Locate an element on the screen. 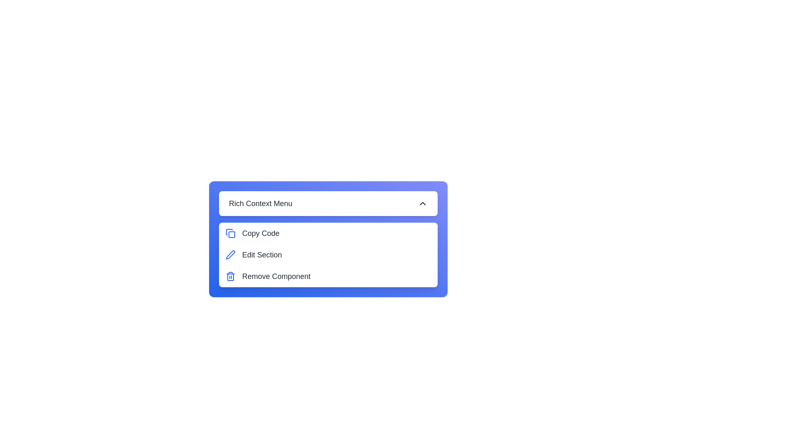  the 'Edit Section' option in the menu is located at coordinates (328, 255).